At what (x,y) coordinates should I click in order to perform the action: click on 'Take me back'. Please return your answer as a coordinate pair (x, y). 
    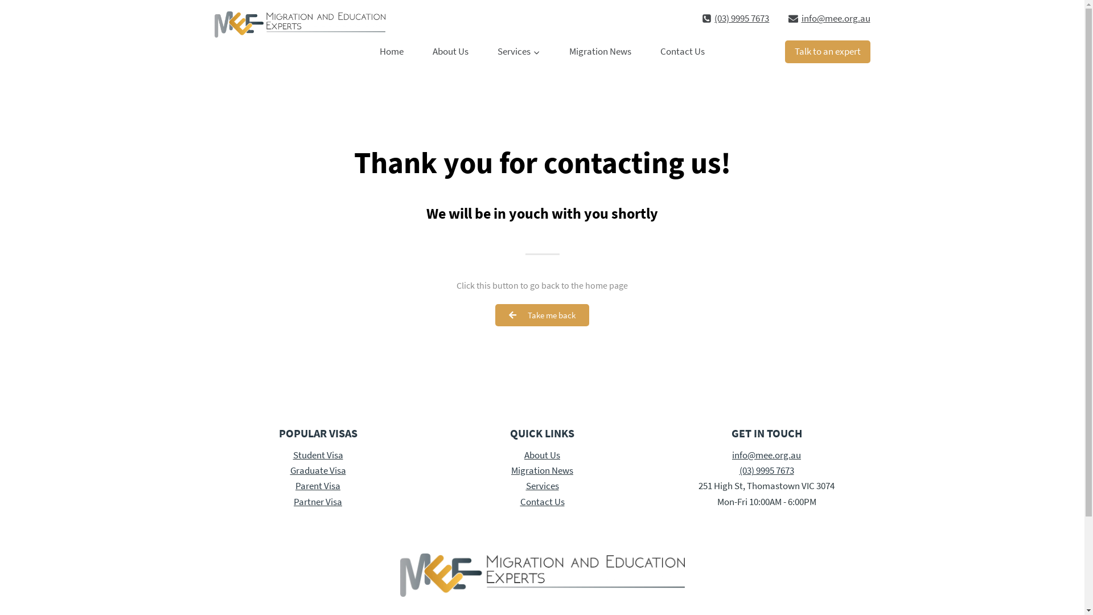
    Looking at the image, I should click on (541, 315).